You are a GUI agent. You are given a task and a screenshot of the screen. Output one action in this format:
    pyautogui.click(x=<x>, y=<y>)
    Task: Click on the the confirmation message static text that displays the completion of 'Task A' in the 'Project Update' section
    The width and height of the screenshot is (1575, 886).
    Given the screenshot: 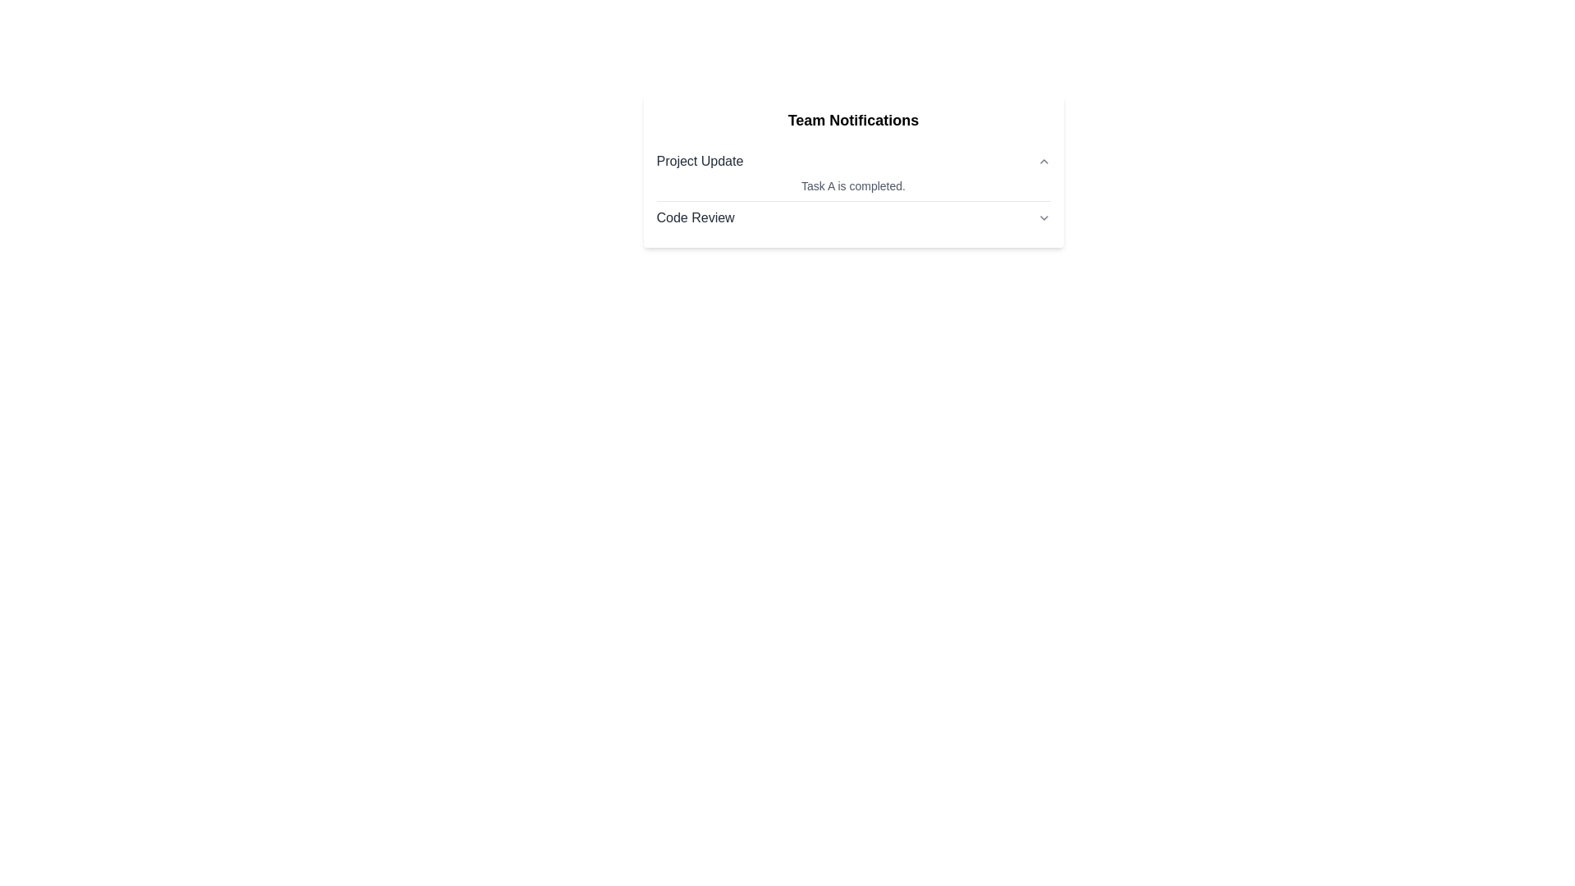 What is the action you would take?
    pyautogui.click(x=853, y=185)
    